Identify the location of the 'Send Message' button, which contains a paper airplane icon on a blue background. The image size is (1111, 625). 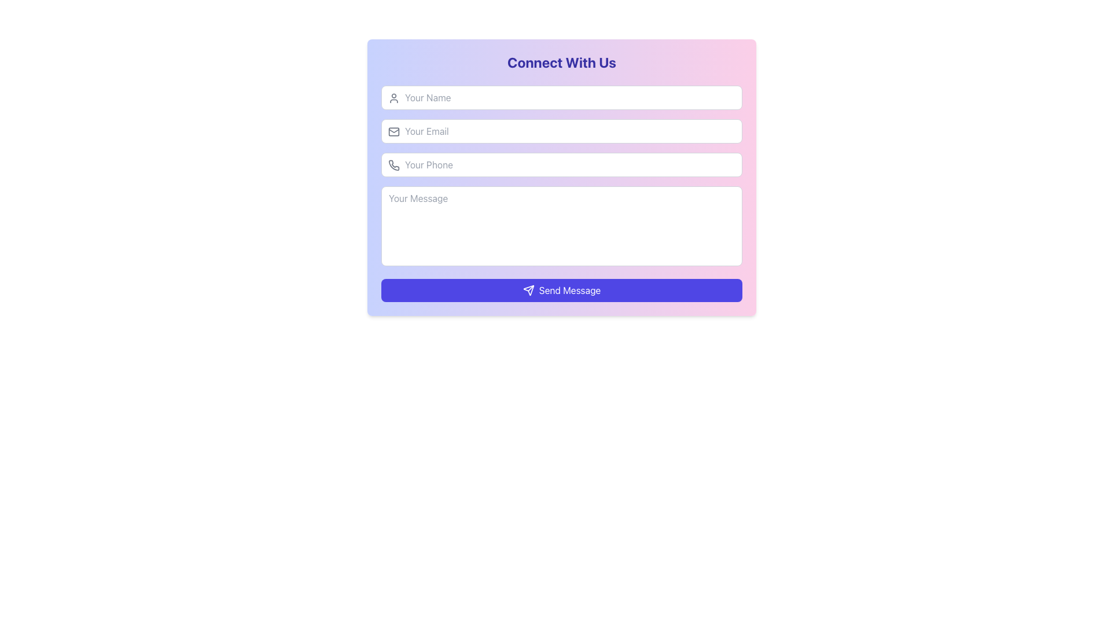
(528, 289).